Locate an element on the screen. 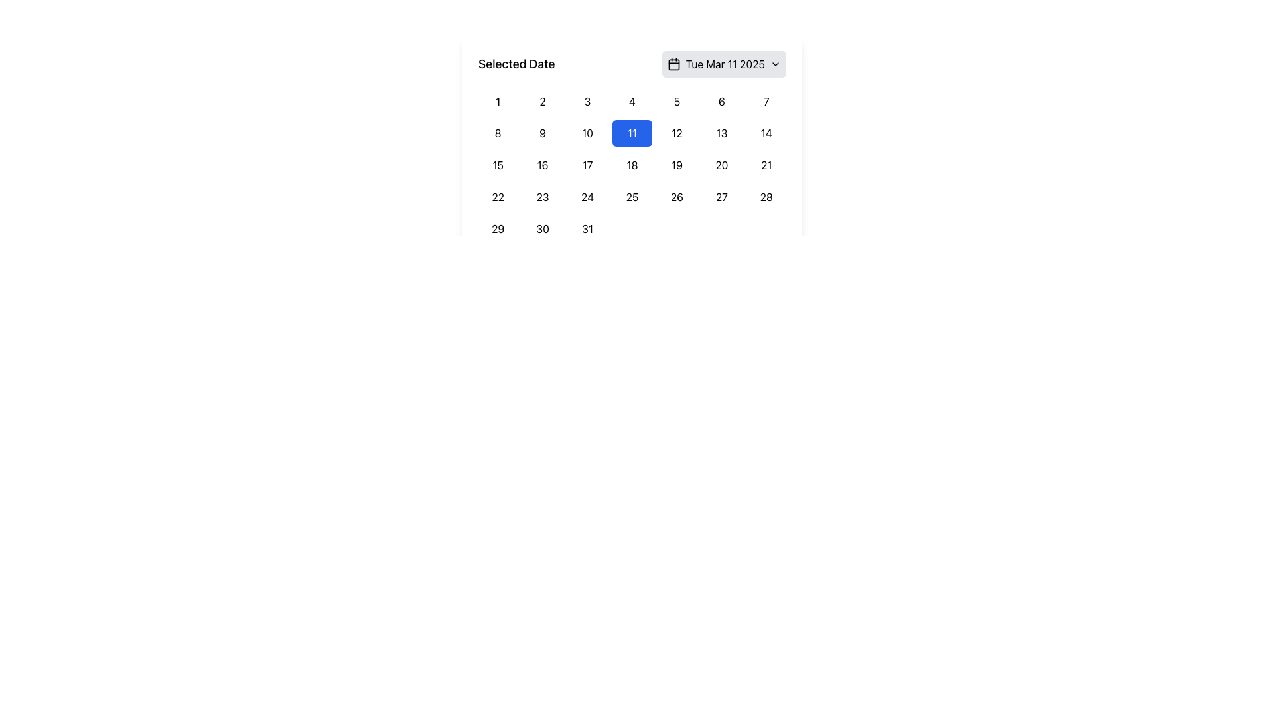  the first day of the calendar month grid cell located in the top-left corner of the grid layout is located at coordinates (497, 101).